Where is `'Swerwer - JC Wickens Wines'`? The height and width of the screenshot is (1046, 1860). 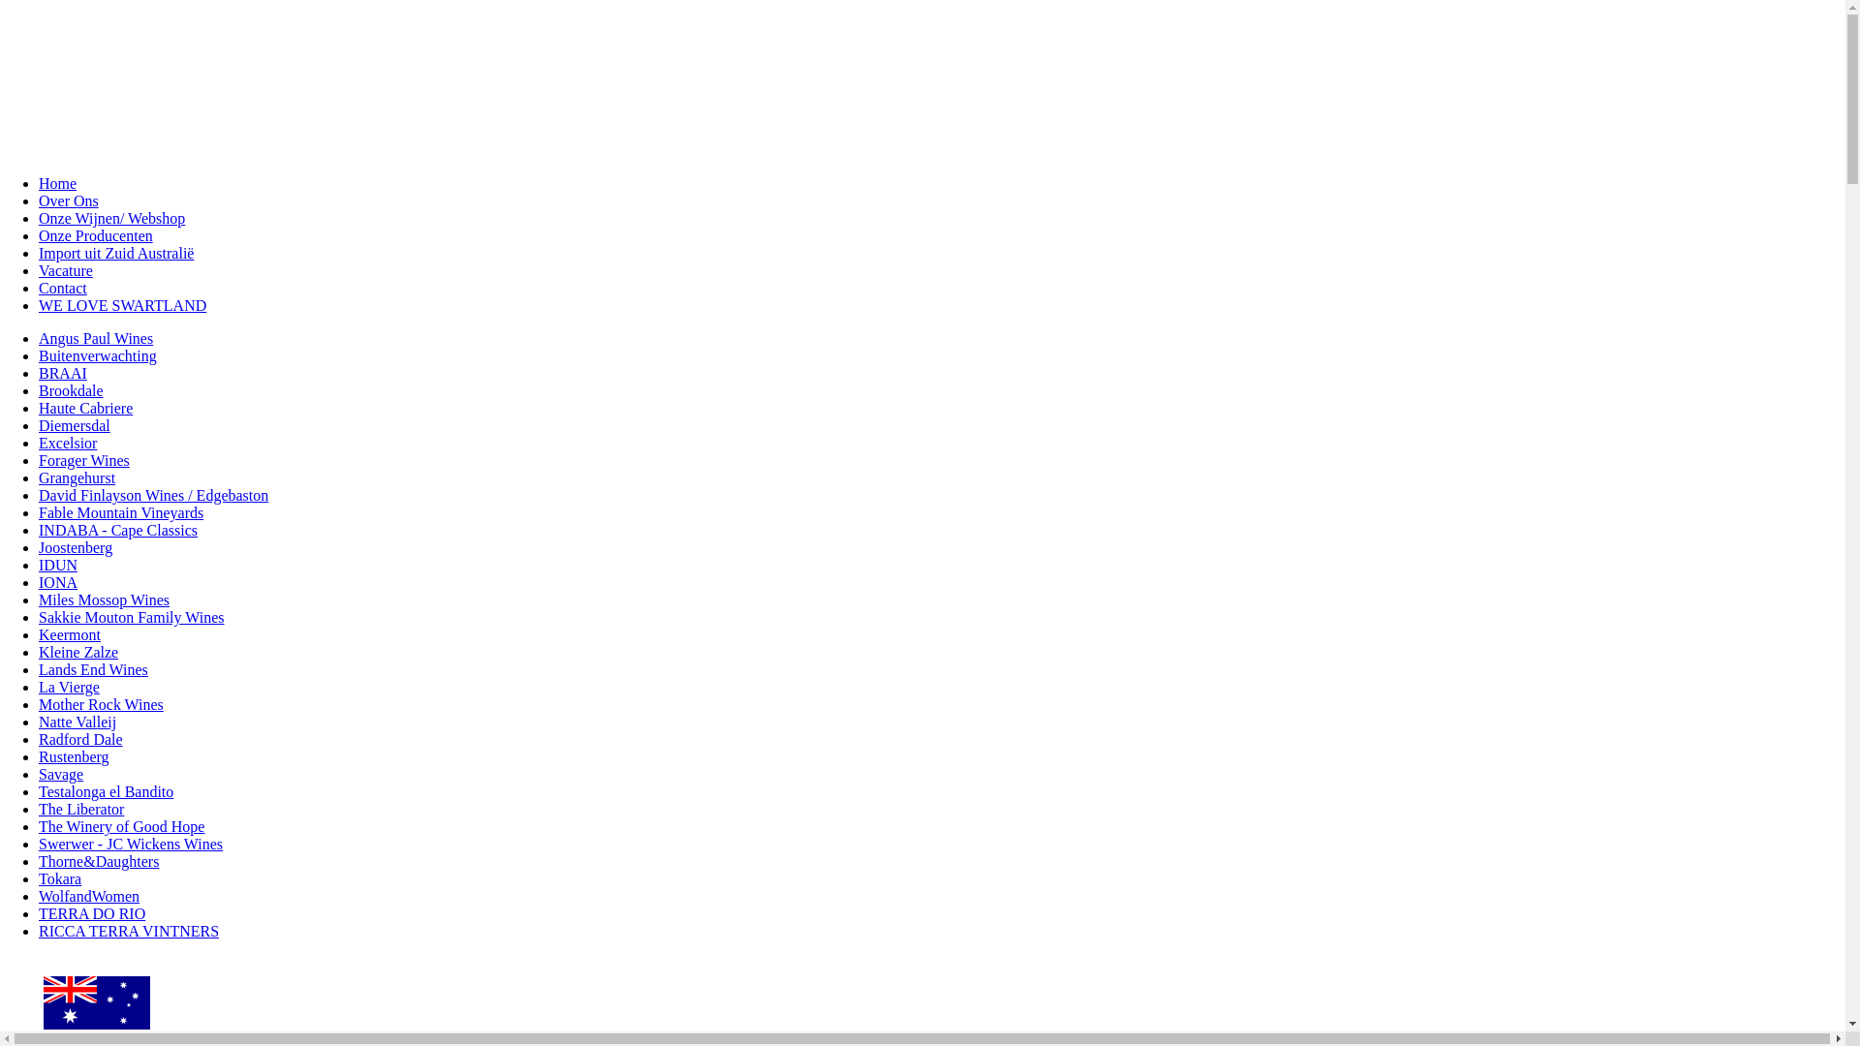
'Swerwer - JC Wickens Wines' is located at coordinates (38, 843).